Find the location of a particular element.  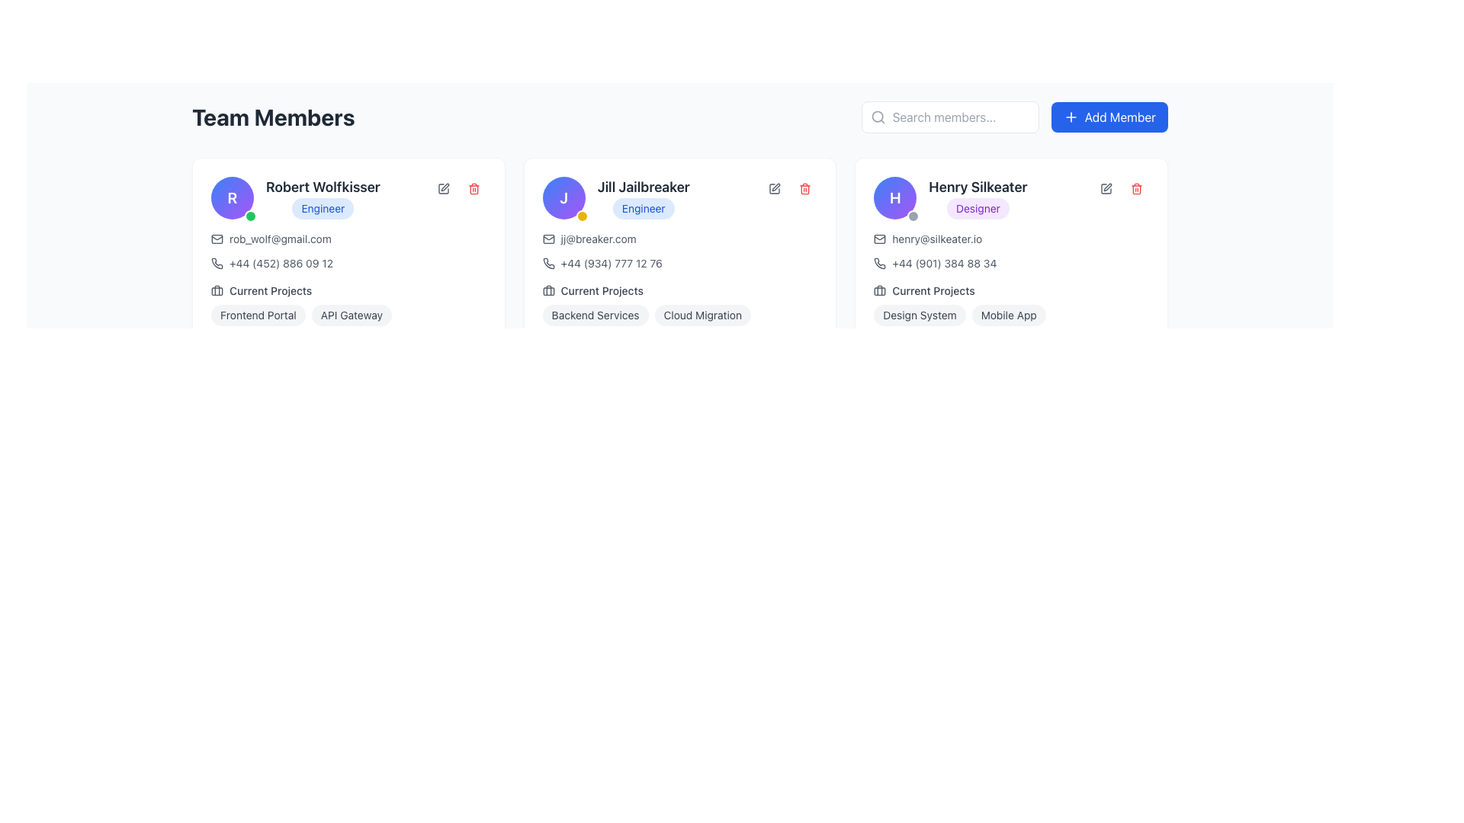

the text of the role label located below the name 'Jill Jailbreaker' on the profile card in the second column is located at coordinates (644, 208).